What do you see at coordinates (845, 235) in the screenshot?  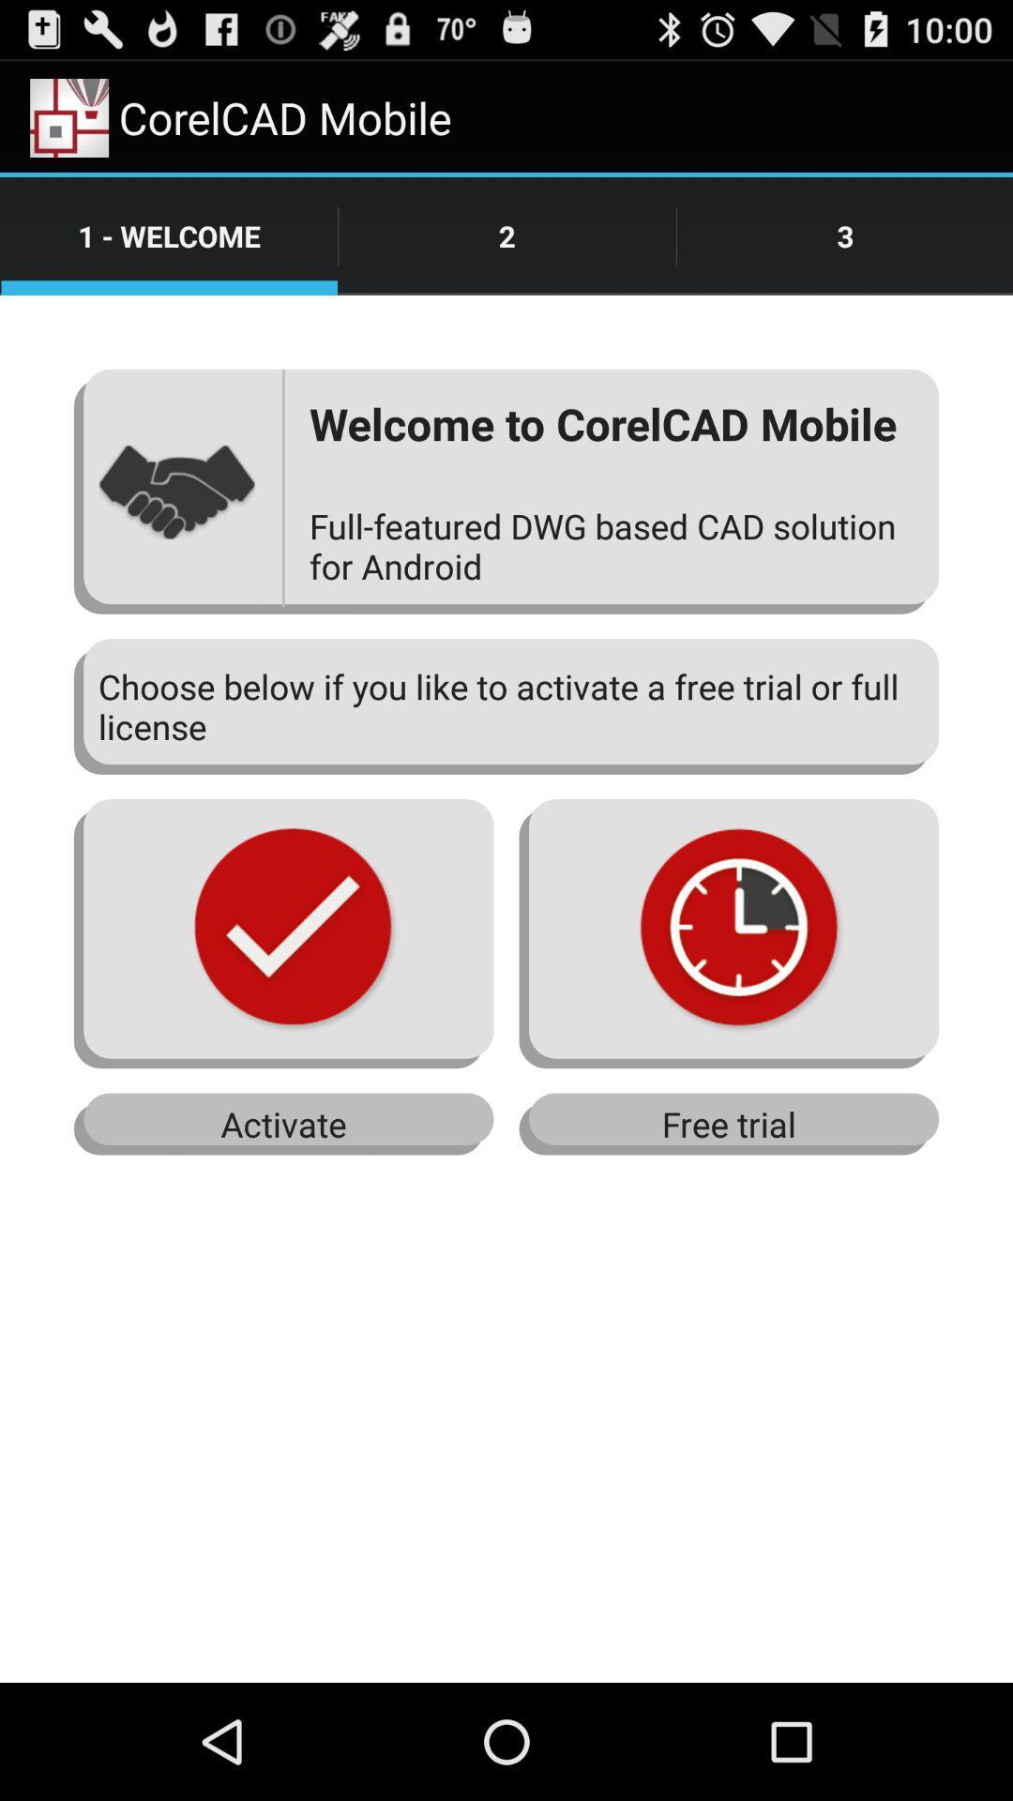 I see `the number three option at the top right corner of the page` at bounding box center [845, 235].